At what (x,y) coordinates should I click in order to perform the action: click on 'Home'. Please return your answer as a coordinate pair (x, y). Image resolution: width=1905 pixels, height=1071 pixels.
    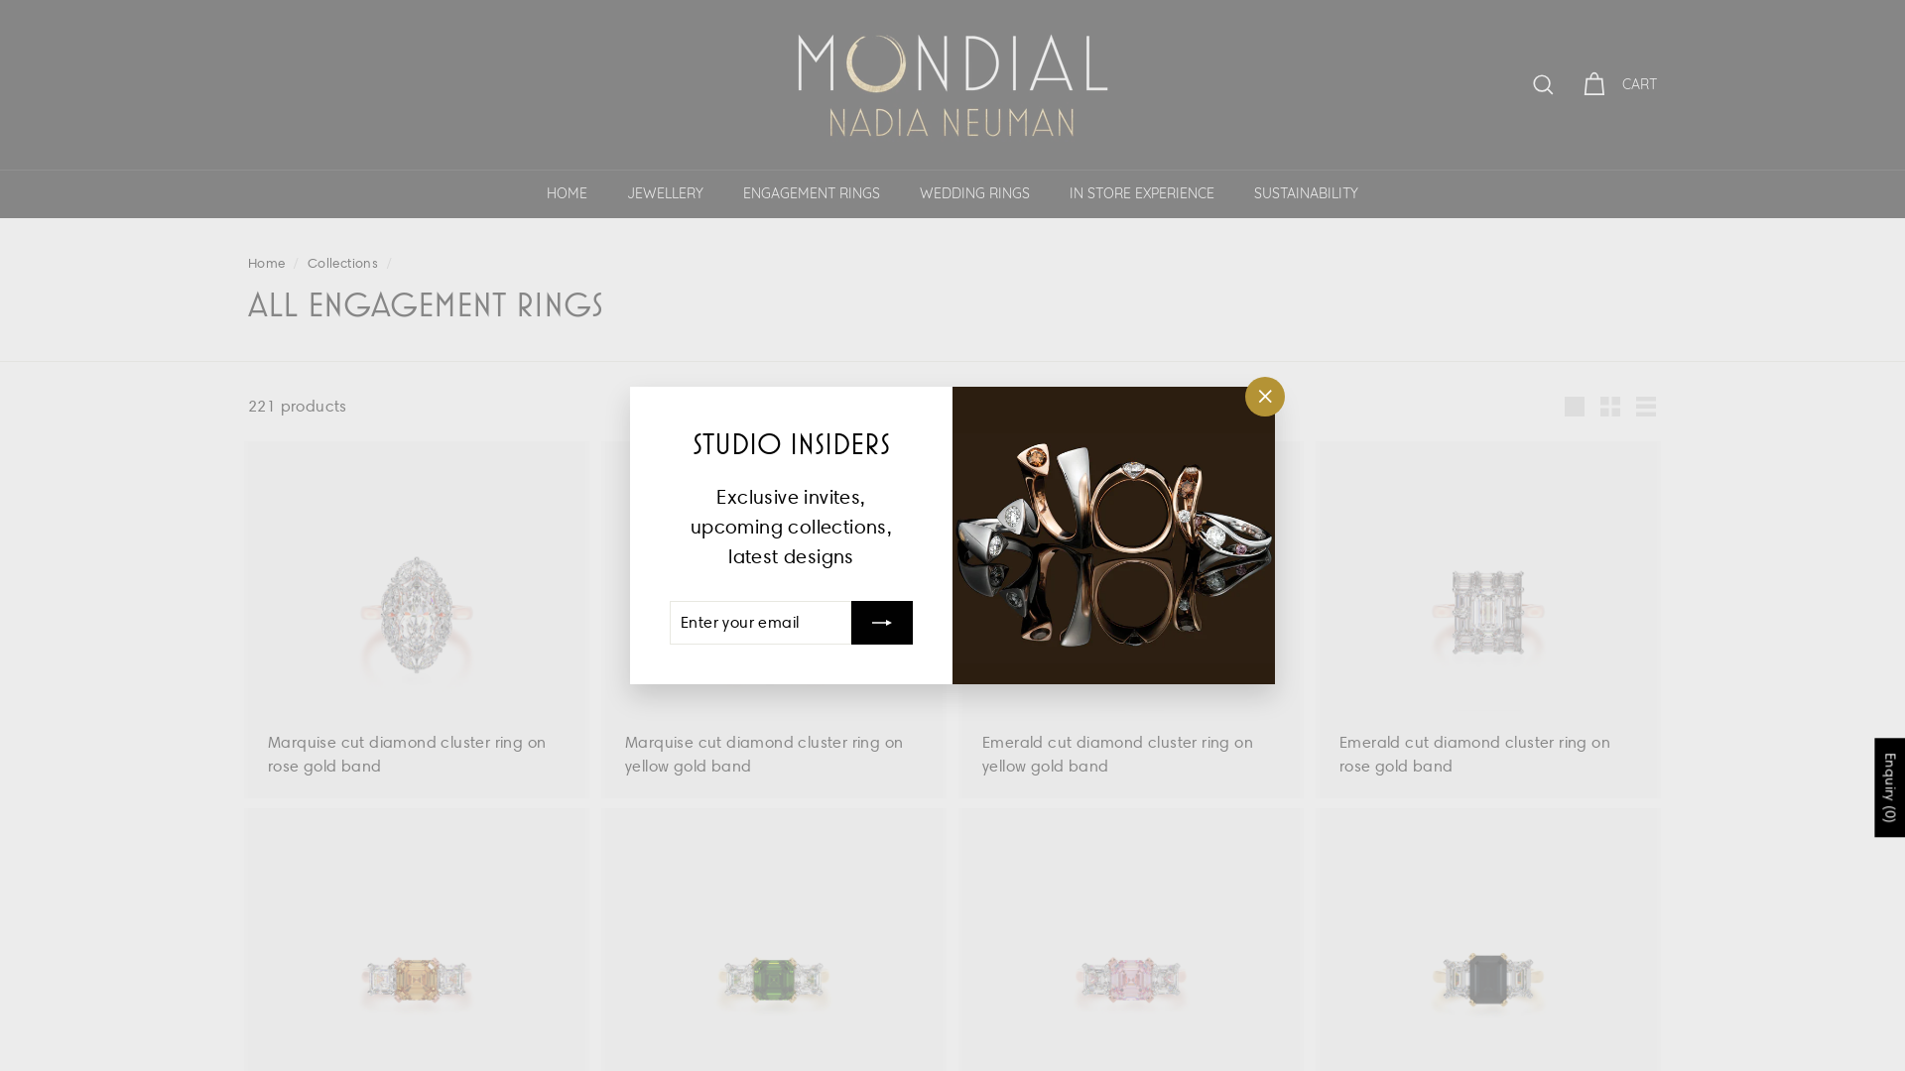
    Looking at the image, I should click on (265, 262).